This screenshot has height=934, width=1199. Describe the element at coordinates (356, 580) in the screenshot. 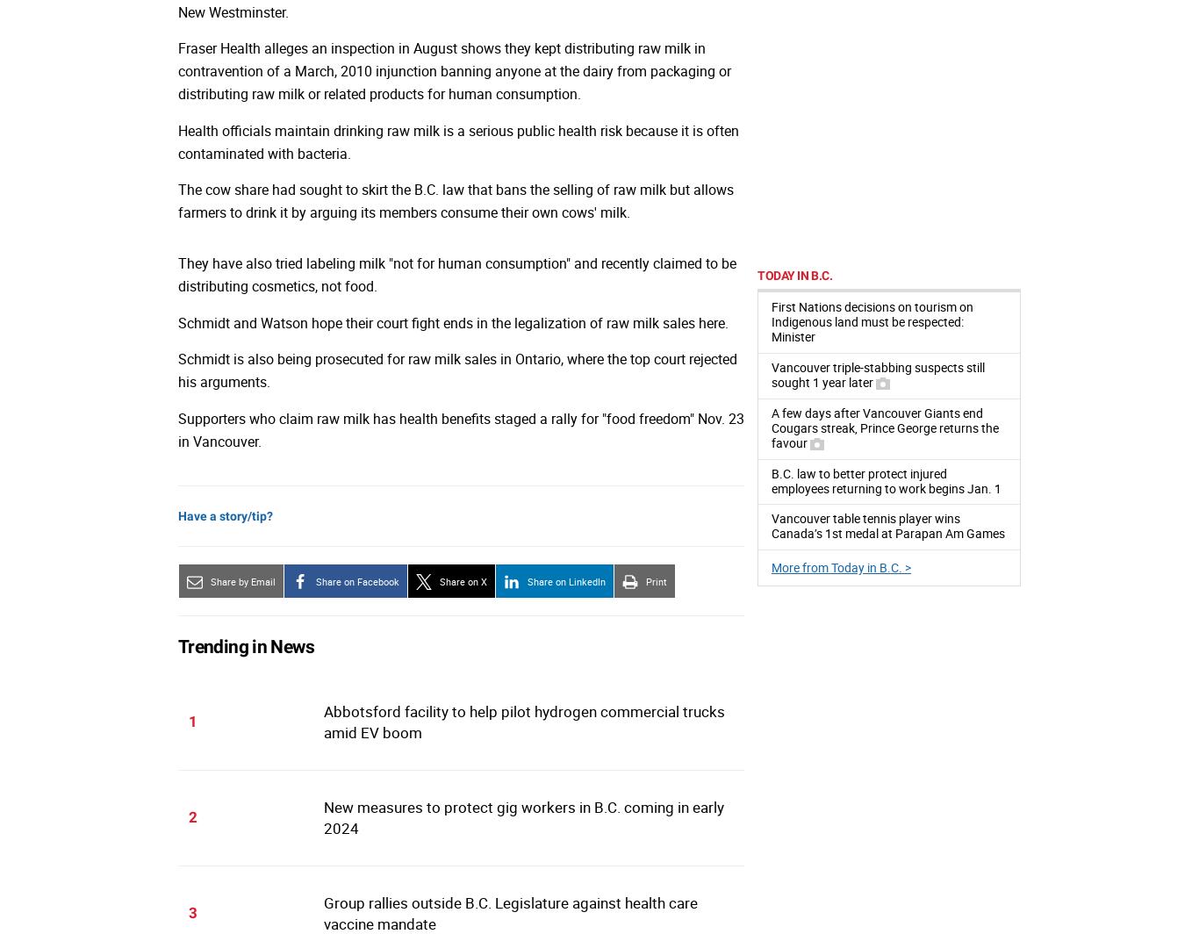

I see `'Share on Facebook'` at that location.